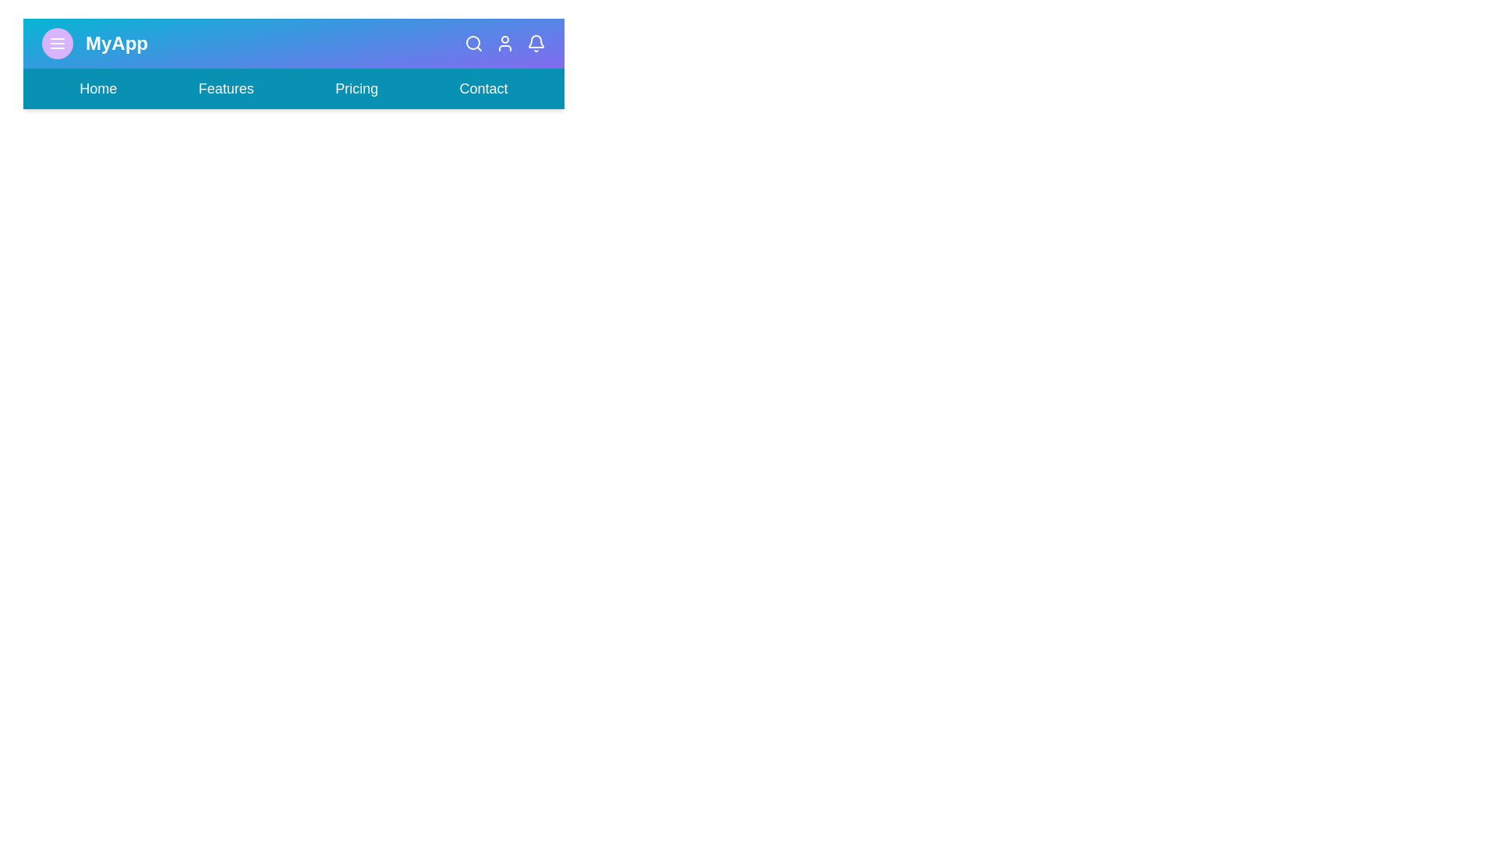 The height and width of the screenshot is (842, 1497). Describe the element at coordinates (482, 89) in the screenshot. I see `the navigation link Contact to navigate to the corresponding section` at that location.